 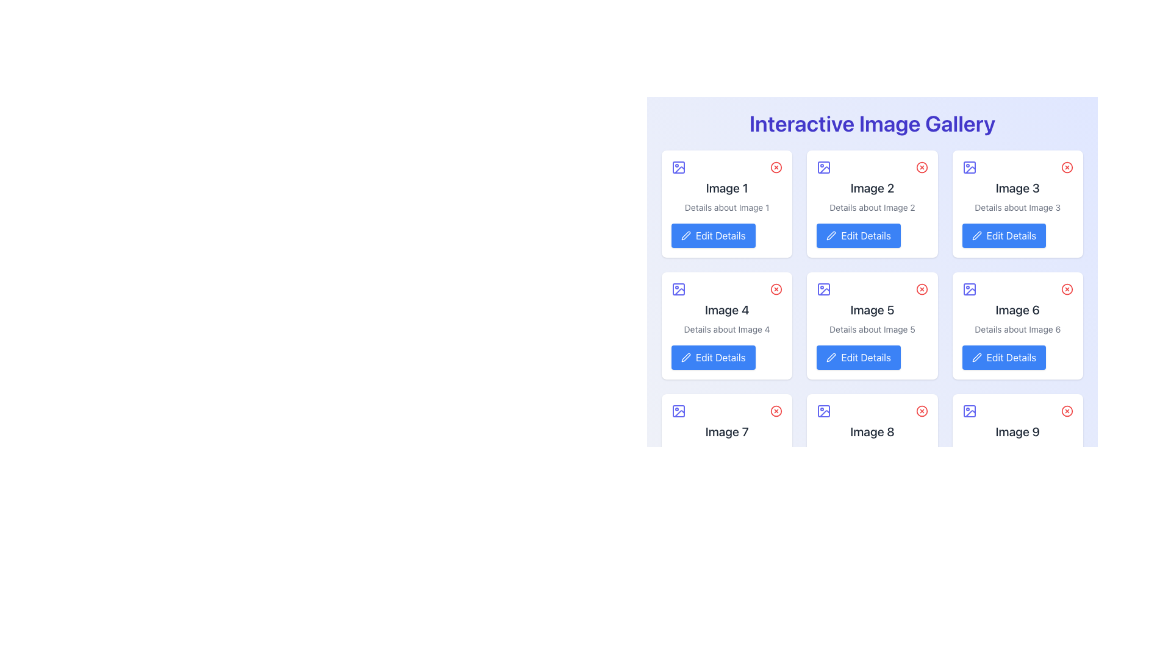 I want to click on the text label displaying 'Image 2' which has a larger font size and dark gray color, located in the card labeled 'Image 2', so click(x=872, y=188).